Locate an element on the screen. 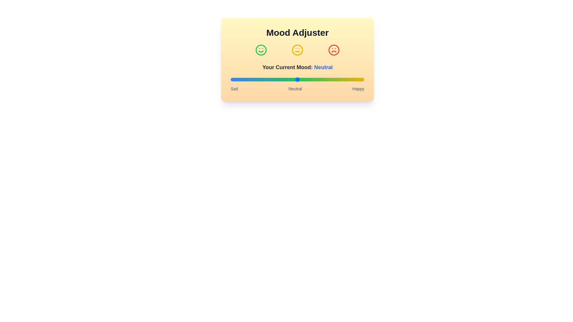 This screenshot has height=322, width=573. the mood slider to the desired level 42 is located at coordinates (287, 79).